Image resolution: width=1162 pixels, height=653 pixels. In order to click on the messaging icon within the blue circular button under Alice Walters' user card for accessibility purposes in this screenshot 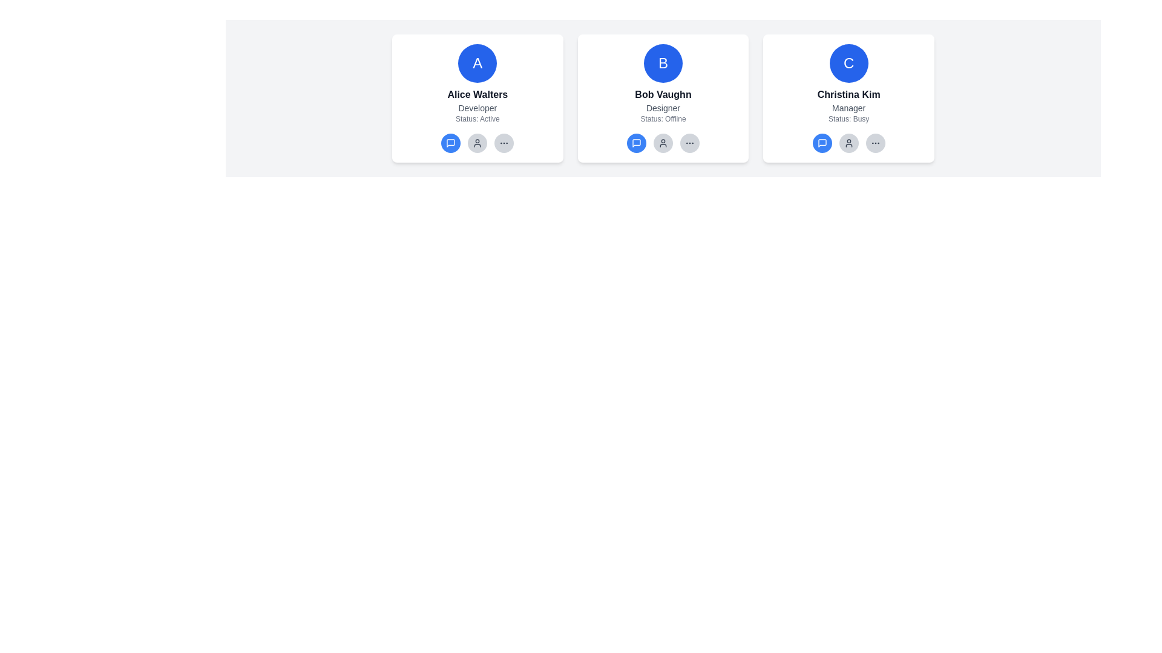, I will do `click(450, 142)`.